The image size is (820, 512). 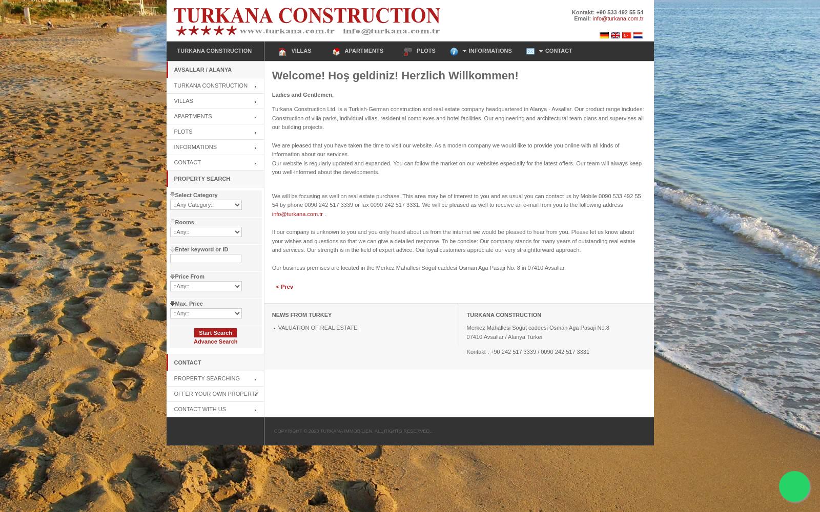 I want to click on 'Merkez Mahallesi Söğüt caddesi Osman Aga Pasaji No:8', so click(x=465, y=328).